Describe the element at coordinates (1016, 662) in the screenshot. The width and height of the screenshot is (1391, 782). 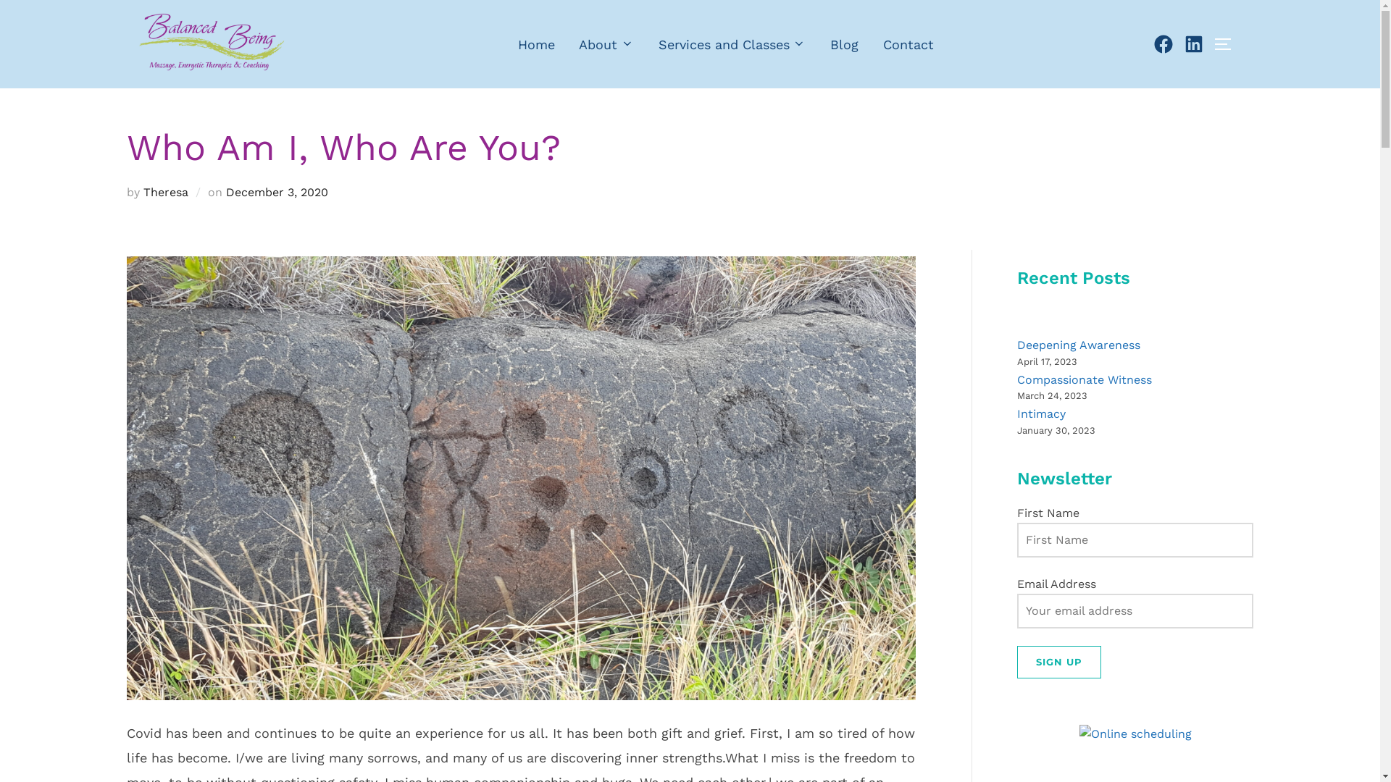
I see `'Sign up'` at that location.